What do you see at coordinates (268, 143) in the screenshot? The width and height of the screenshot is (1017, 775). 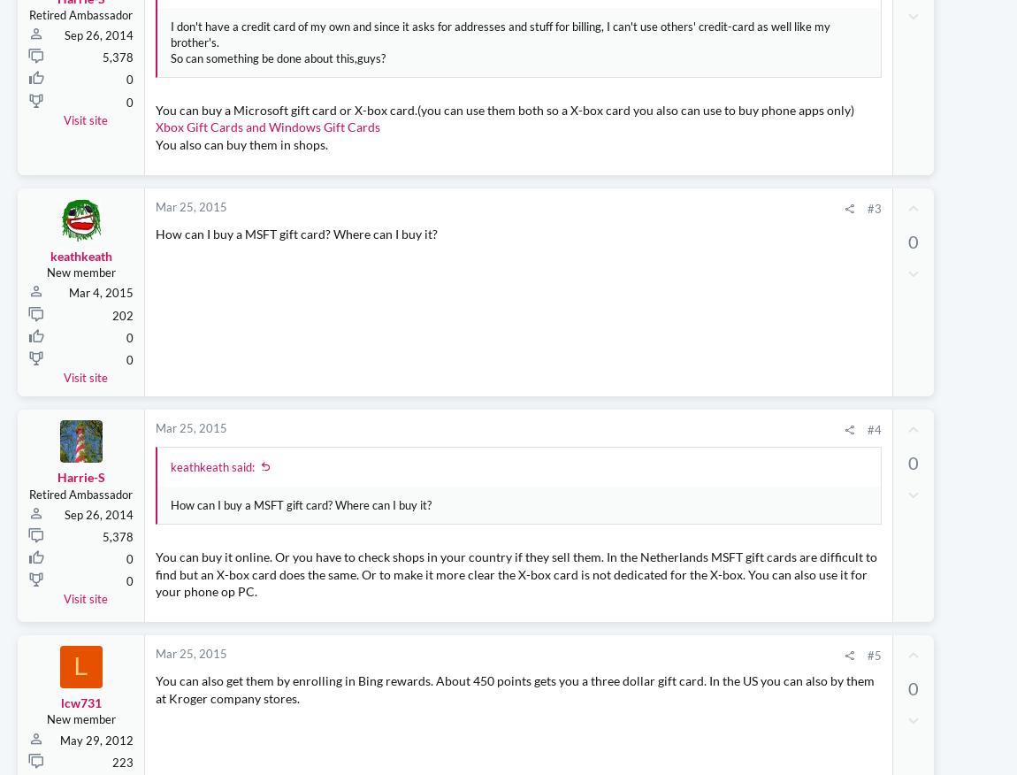 I see `'Xbox Gift Cards and Windows Gift Cards'` at bounding box center [268, 143].